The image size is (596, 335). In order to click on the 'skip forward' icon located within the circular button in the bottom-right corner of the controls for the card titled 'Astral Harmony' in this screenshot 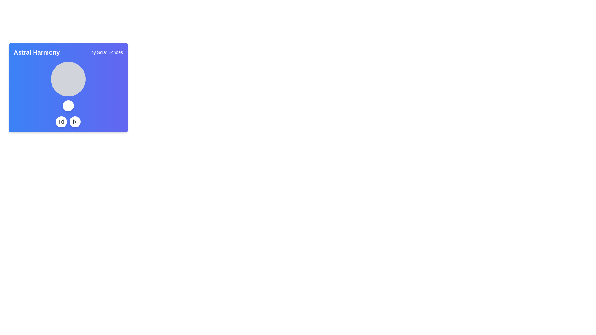, I will do `click(74, 122)`.